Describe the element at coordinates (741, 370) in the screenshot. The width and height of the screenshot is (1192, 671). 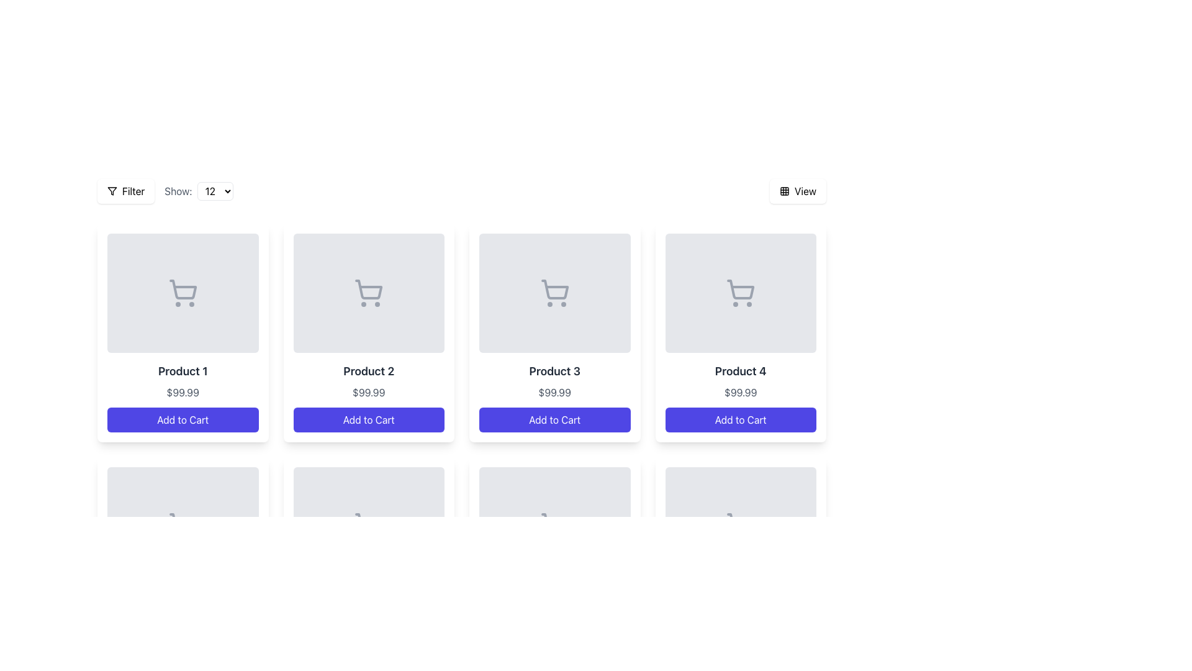
I see `text label that identifies the product in the fourth product card, located below the image and above the price text` at that location.